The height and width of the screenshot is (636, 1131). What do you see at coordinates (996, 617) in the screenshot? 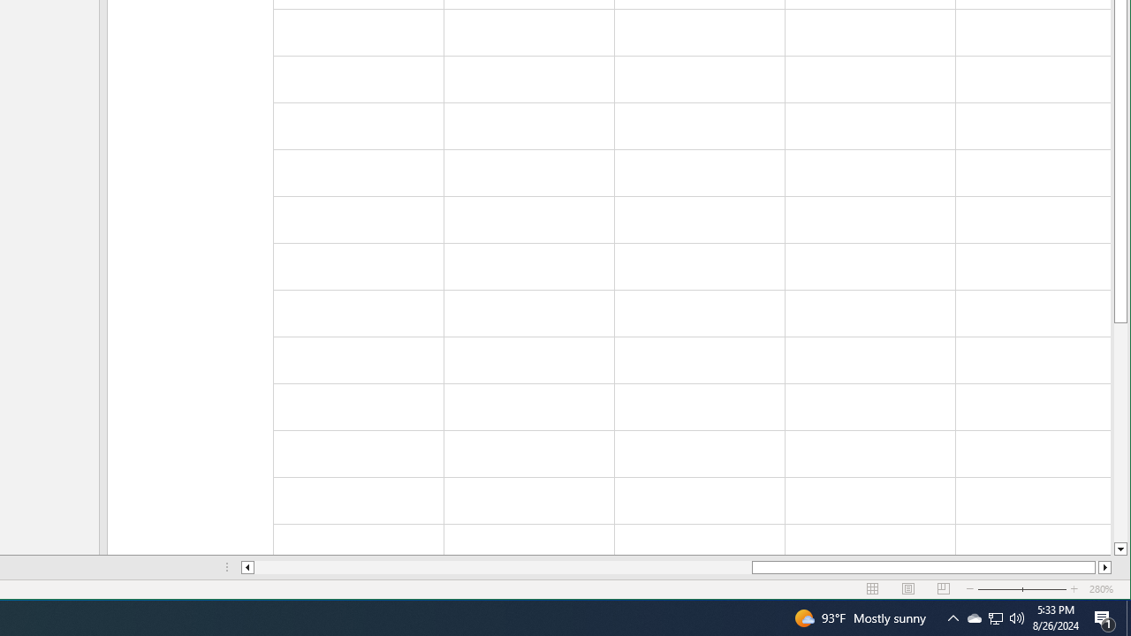
I see `'Notification Chevron'` at bounding box center [996, 617].